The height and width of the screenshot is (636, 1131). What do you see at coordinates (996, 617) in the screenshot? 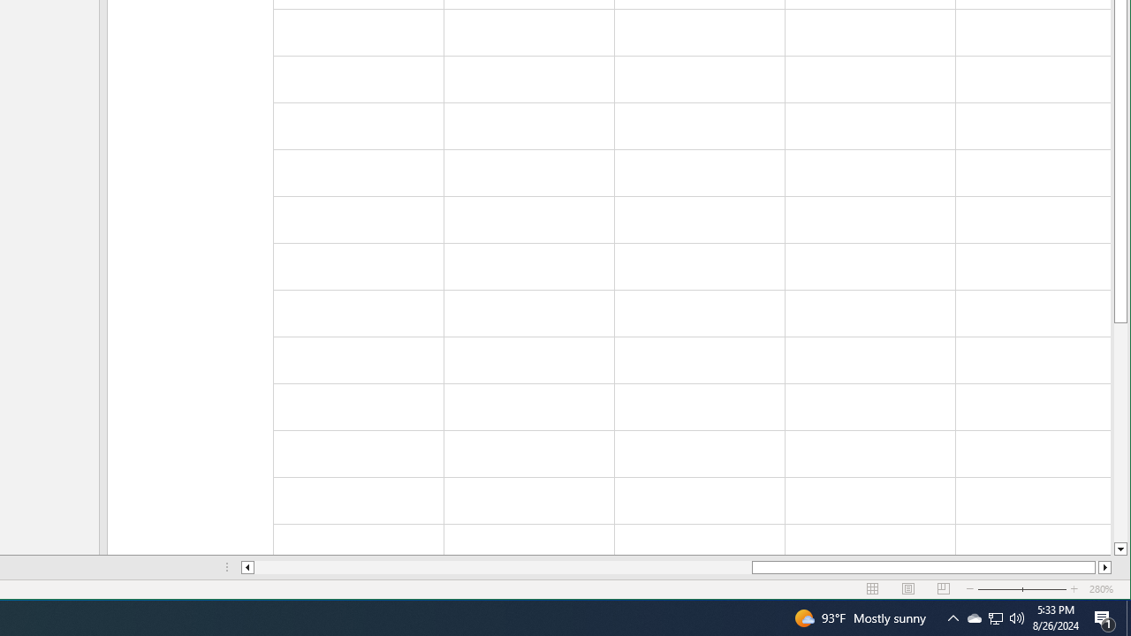
I see `'Notification Chevron'` at bounding box center [996, 617].